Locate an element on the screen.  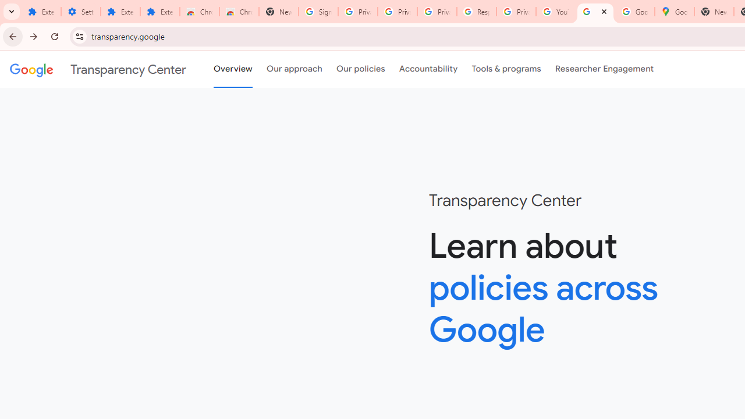
'Sign in - Google Accounts' is located at coordinates (318, 12).